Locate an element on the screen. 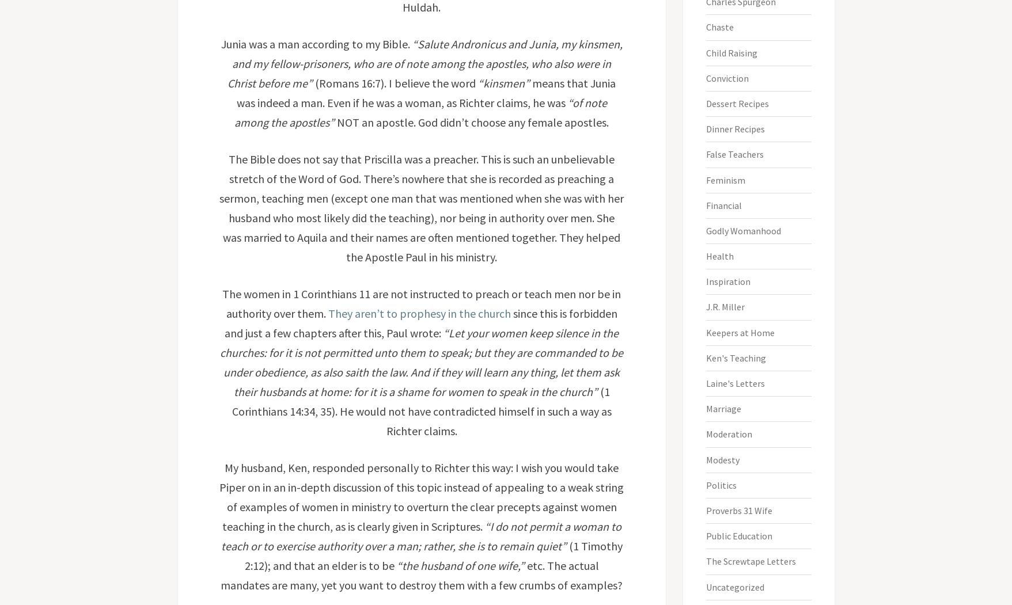 The height and width of the screenshot is (605, 1012). 'since this is forbidden and just a few chapters after this, Paul wrote:' is located at coordinates (420, 322).